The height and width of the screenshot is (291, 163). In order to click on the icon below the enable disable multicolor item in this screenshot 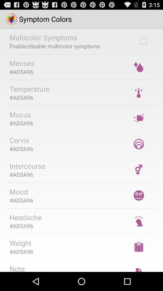, I will do `click(21, 63)`.